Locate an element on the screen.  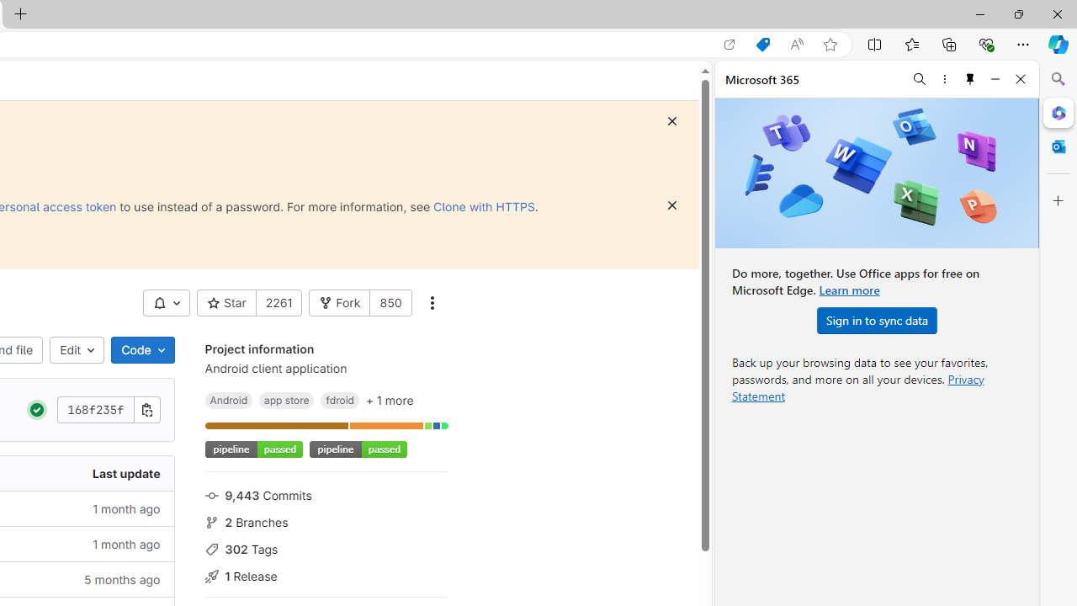
'Class: s16 icon gl-mr-3 gl-text-gray-500' is located at coordinates (210, 576).